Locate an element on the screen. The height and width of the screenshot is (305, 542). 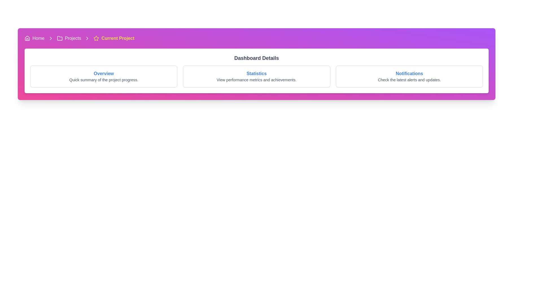
the rightward chevron arrow icon in the breadcrumb navigation located between 'Projects' and 'Current Project' is located at coordinates (87, 38).